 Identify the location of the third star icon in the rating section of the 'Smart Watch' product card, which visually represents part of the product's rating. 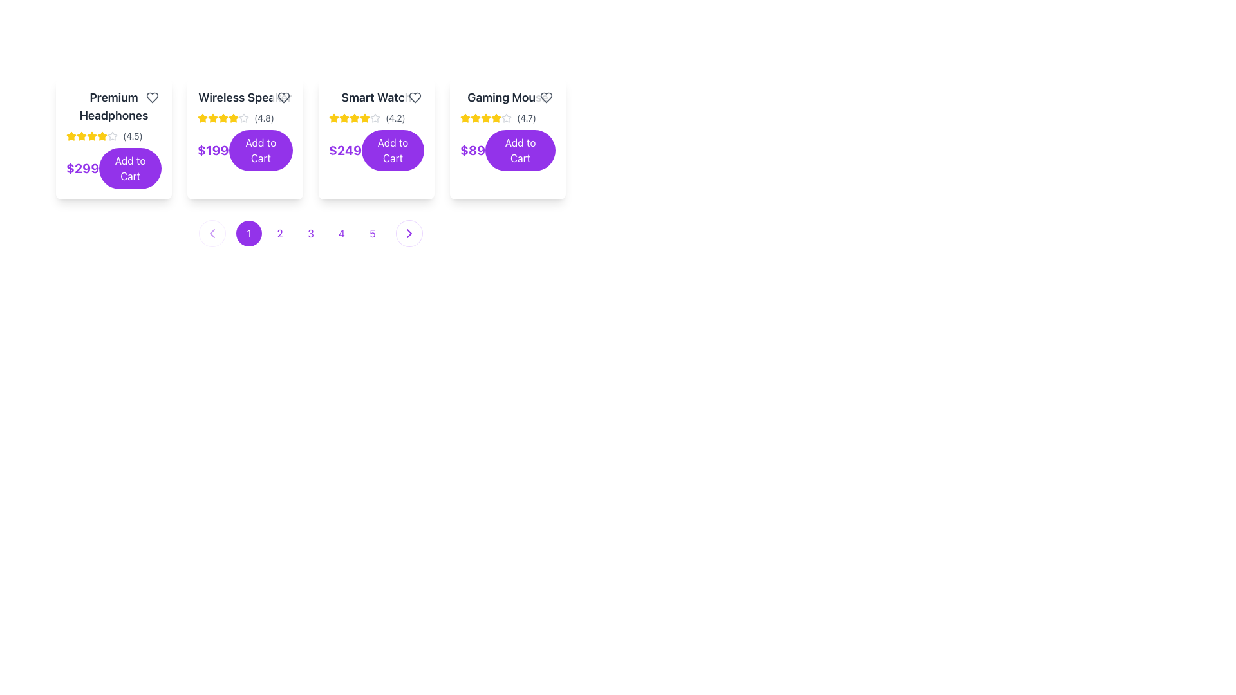
(344, 118).